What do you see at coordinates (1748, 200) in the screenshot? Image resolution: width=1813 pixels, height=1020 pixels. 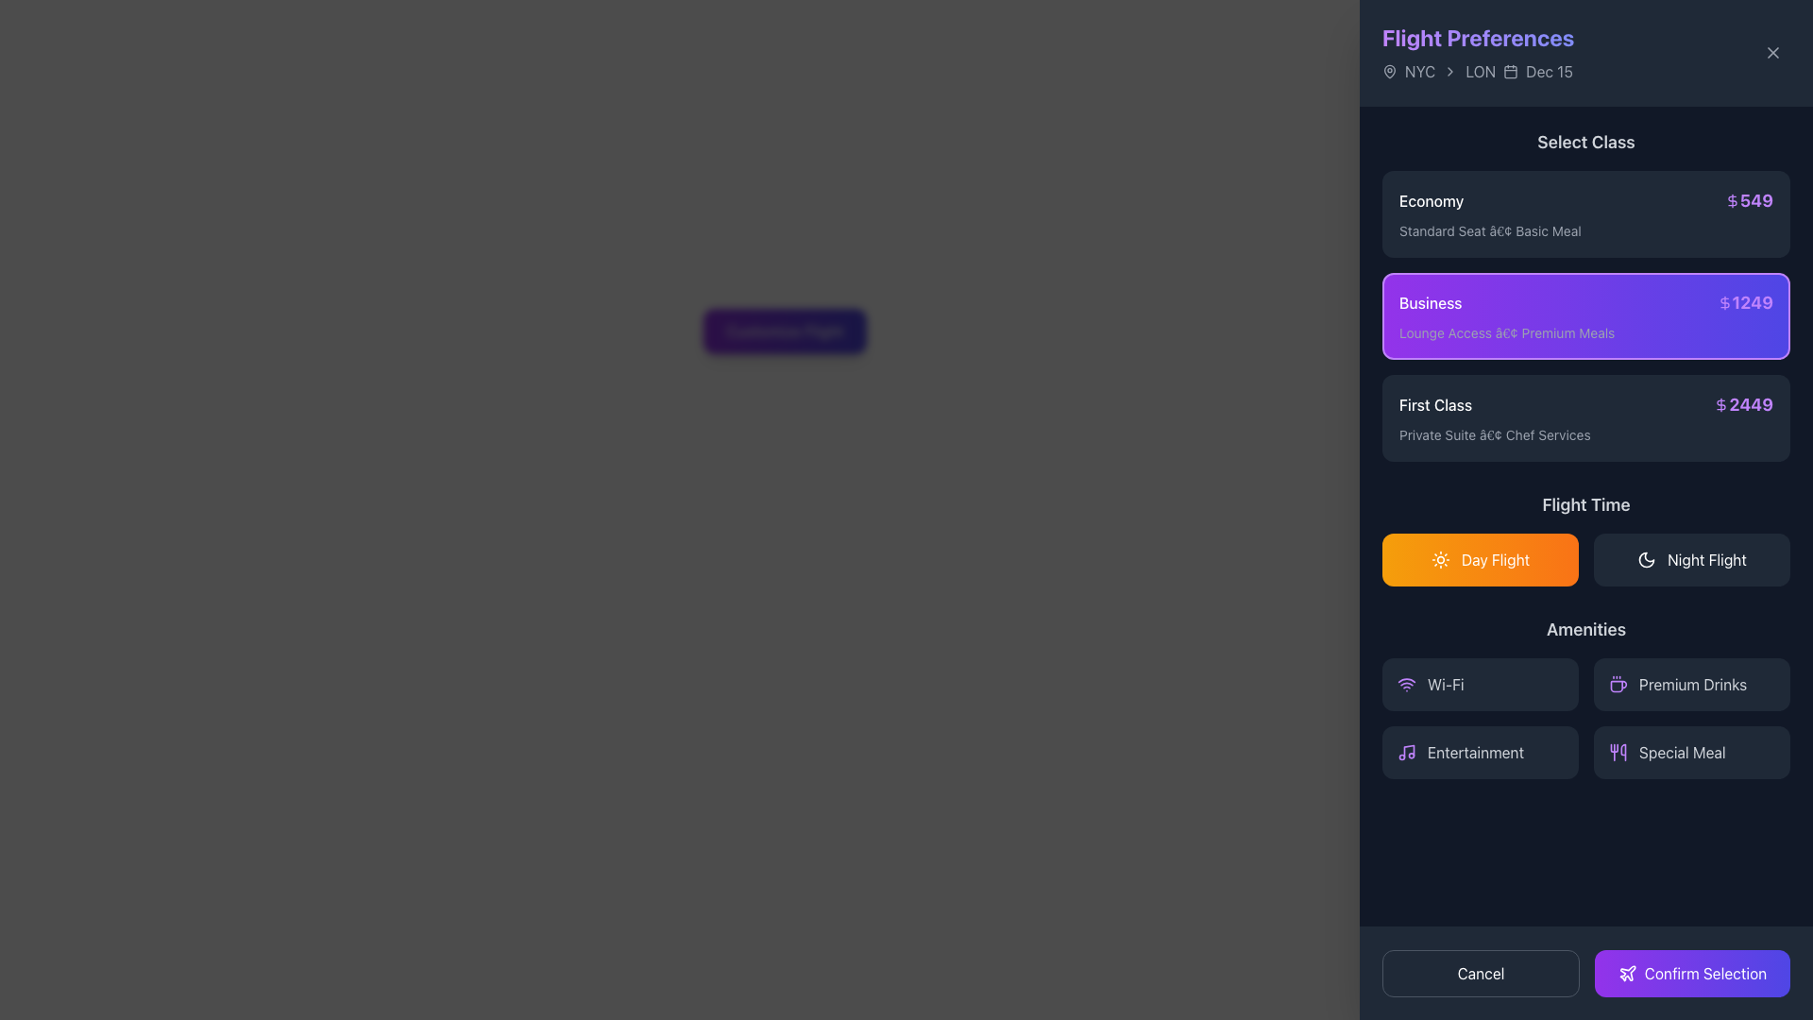 I see `the numerical text '549' styled in bold, purple font located in the 'Economy' section of the flight selection interface, adjacent to the dollar sign icon` at bounding box center [1748, 200].